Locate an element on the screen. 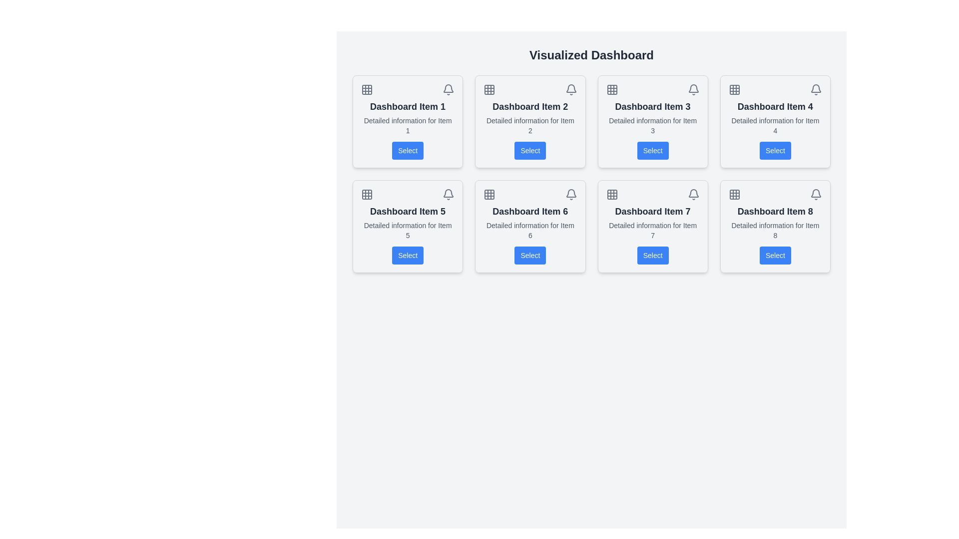 This screenshot has height=539, width=959. the bell-shaped notification icon with a gray outline located in the top-right corner of the 'Dashboard Item 7' card is located at coordinates (693, 194).